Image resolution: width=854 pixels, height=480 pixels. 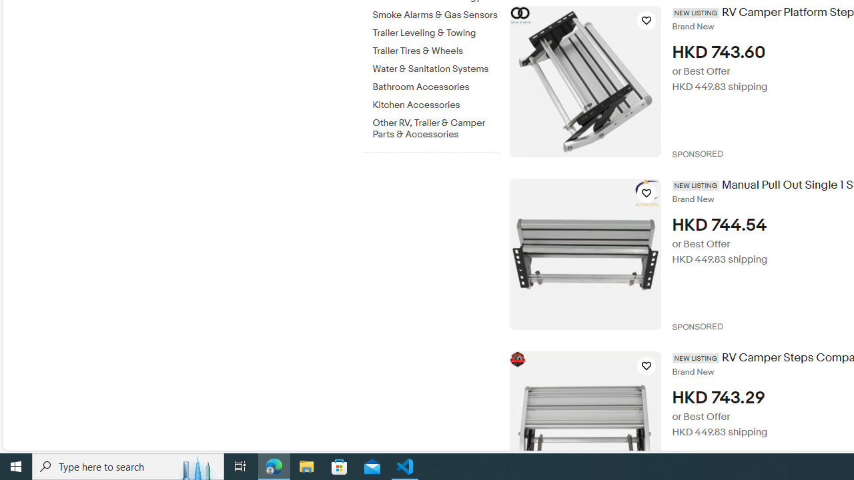 What do you see at coordinates (436, 13) in the screenshot?
I see `'Smoke Alarms & Gas Sensors'` at bounding box center [436, 13].